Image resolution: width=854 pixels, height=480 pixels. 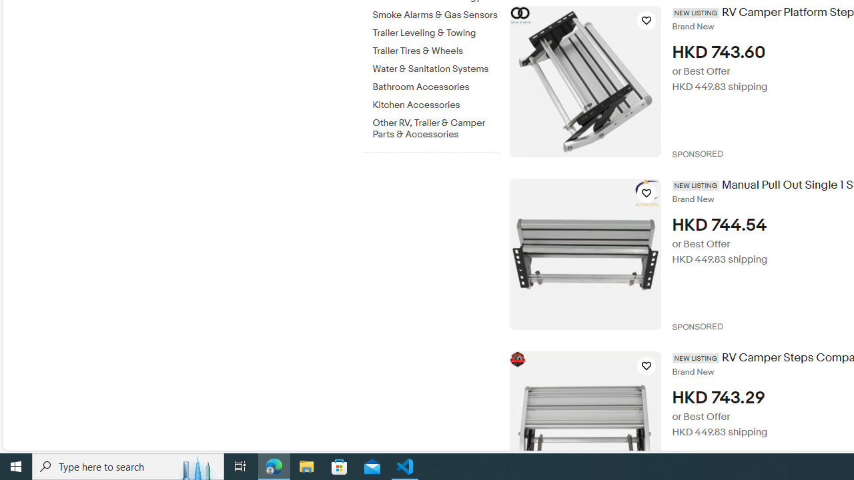 What do you see at coordinates (436, 13) in the screenshot?
I see `'Smoke Alarms & Gas Sensors'` at bounding box center [436, 13].